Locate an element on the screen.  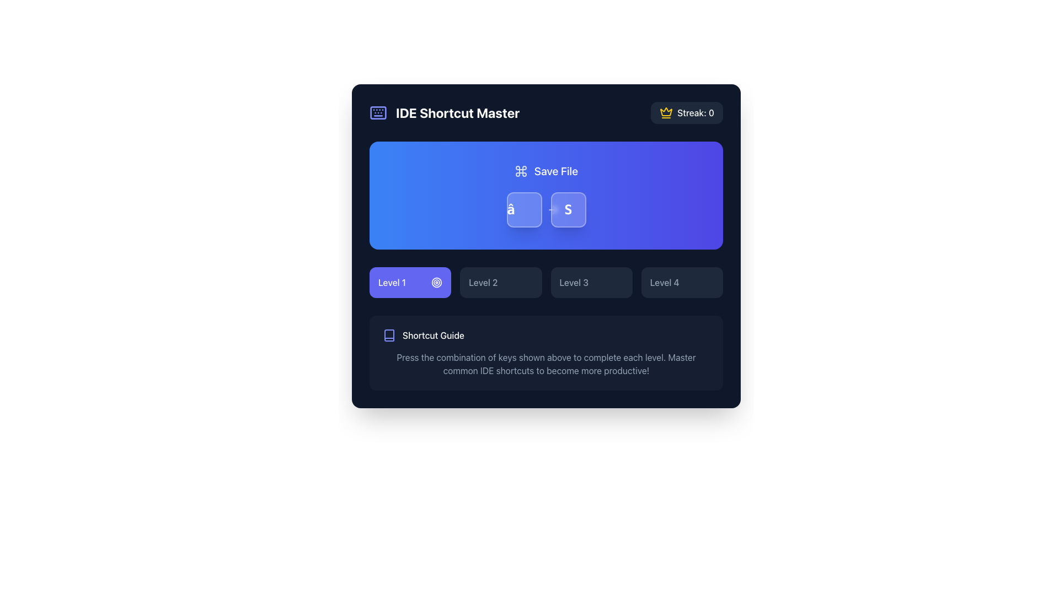
the graphical icon with a geometric design featuring a central cross structure and curved paths, located in the upper left corner of the blue rectangular section labeled 'IDE Shortcut Master' is located at coordinates (520, 171).